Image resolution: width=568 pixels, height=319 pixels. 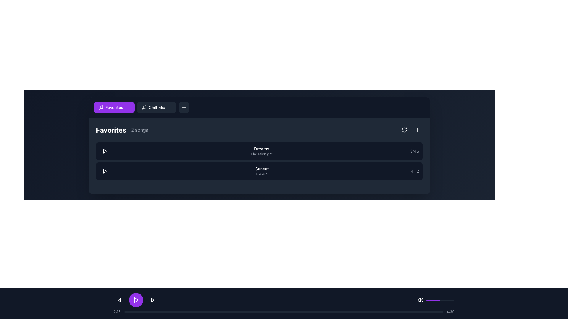 What do you see at coordinates (433, 300) in the screenshot?
I see `slider position` at bounding box center [433, 300].